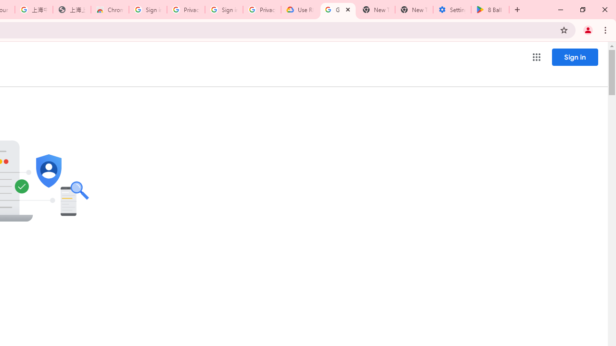 The height and width of the screenshot is (346, 616). Describe the element at coordinates (536, 57) in the screenshot. I see `'Google apps'` at that location.